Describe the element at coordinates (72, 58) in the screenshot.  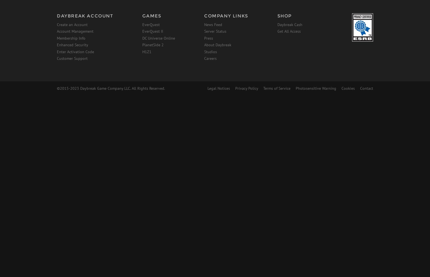
I see `'Customer Support'` at that location.